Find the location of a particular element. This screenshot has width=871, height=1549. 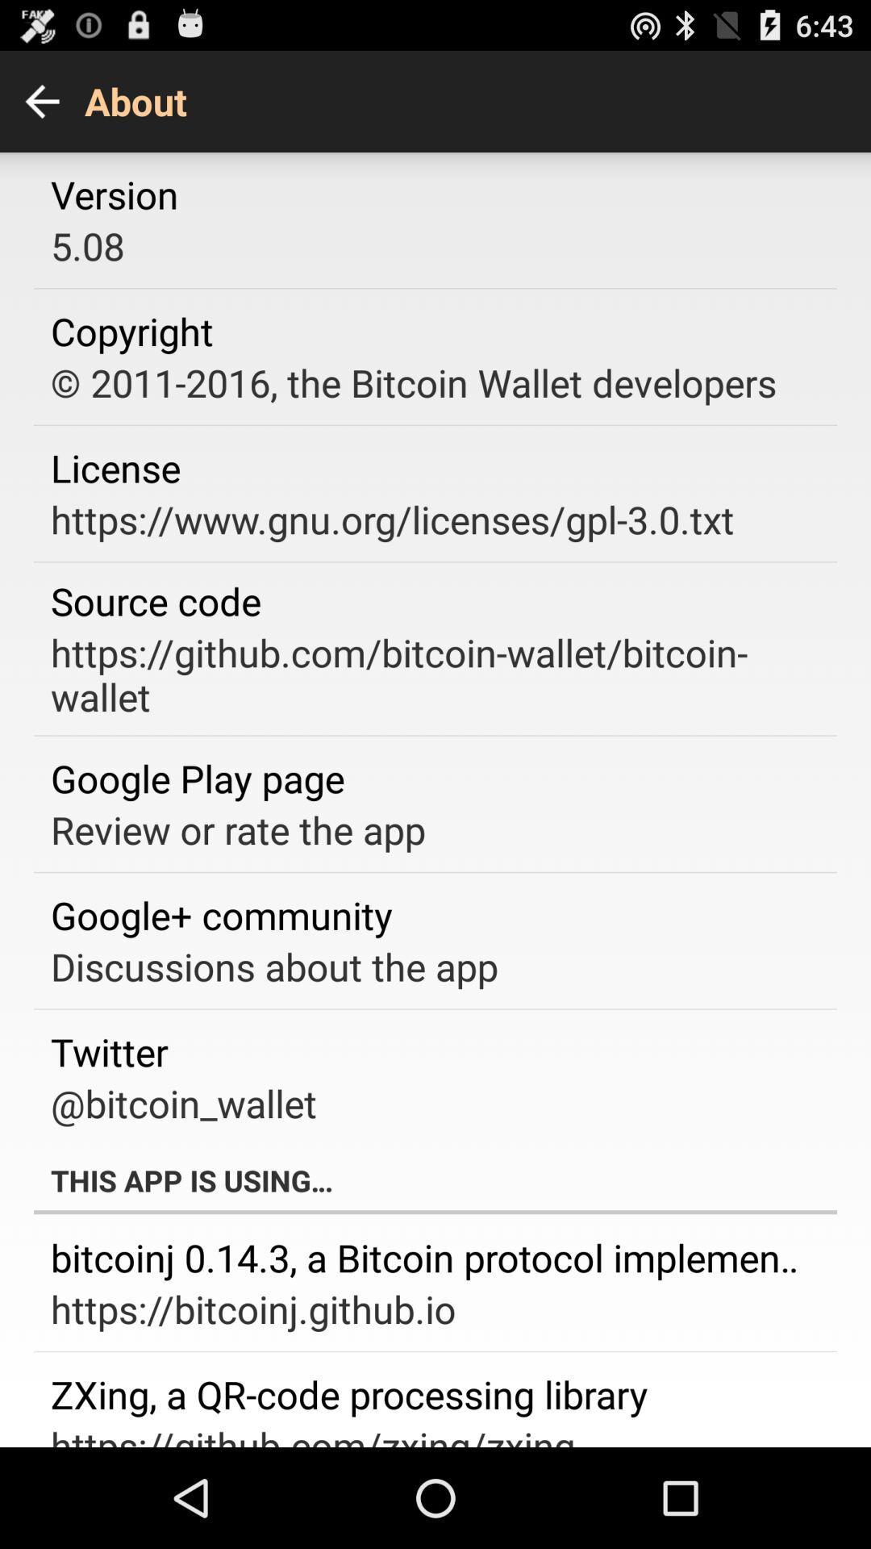

the icon above the google+ community item is located at coordinates (238, 829).